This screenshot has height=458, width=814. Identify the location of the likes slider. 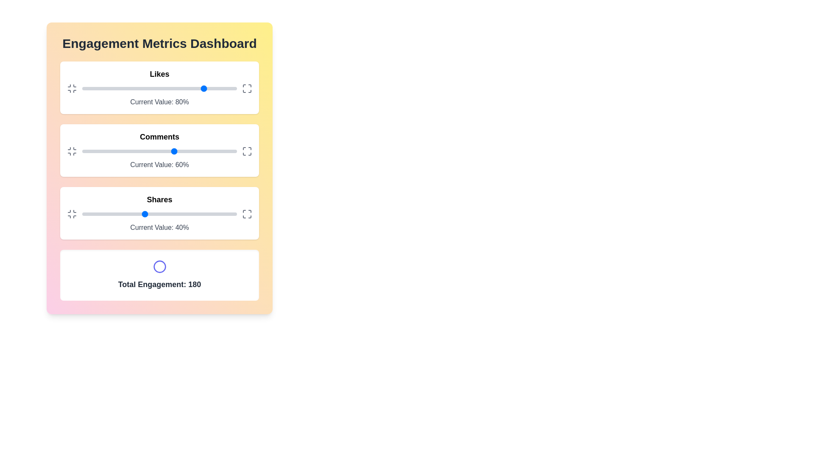
(179, 88).